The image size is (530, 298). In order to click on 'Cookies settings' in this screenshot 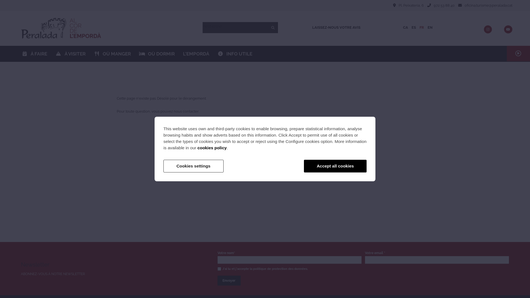, I will do `click(163, 166)`.